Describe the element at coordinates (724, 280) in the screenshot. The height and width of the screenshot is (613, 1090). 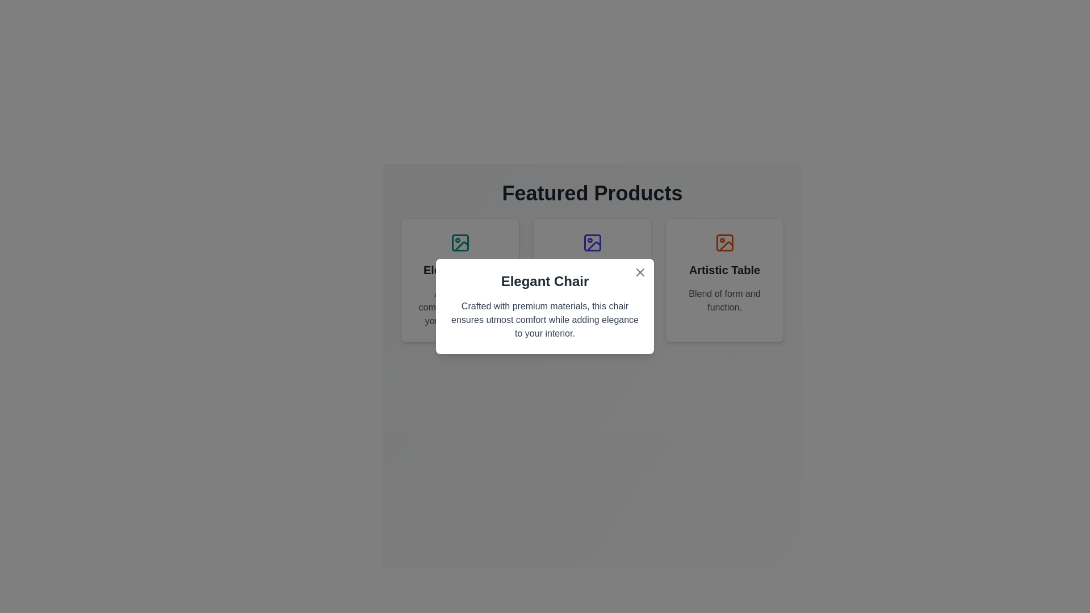
I see `the 'Artistic Table' informational card, which features a white background, an orange image icon at the top, bold text 'Artistic Table', and smaller text 'Blend of form and function'. This card is the third in a grid layout` at that location.